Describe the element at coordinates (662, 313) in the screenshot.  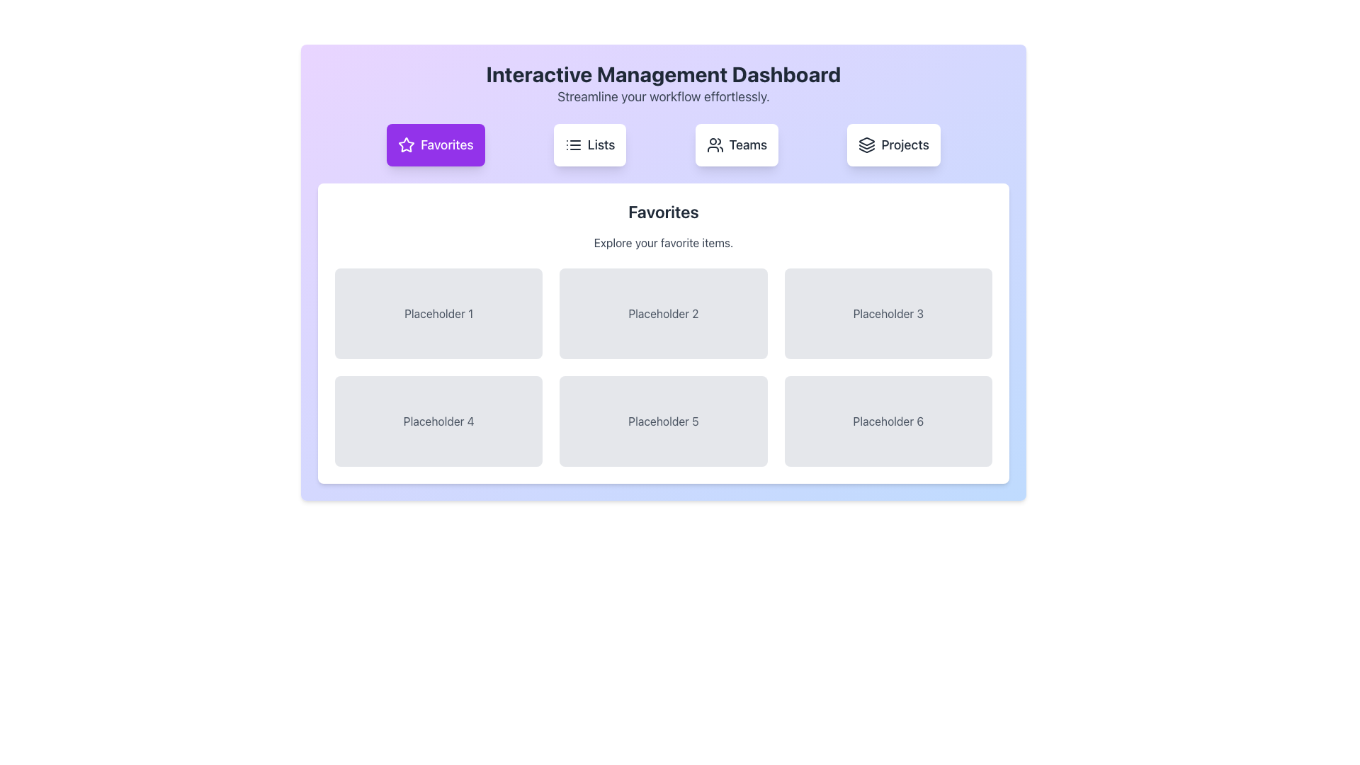
I see `text of the Text-based Placeholder Block labeled 'Placeholder 2', which is a light gray rectangular item with rounded edges` at that location.